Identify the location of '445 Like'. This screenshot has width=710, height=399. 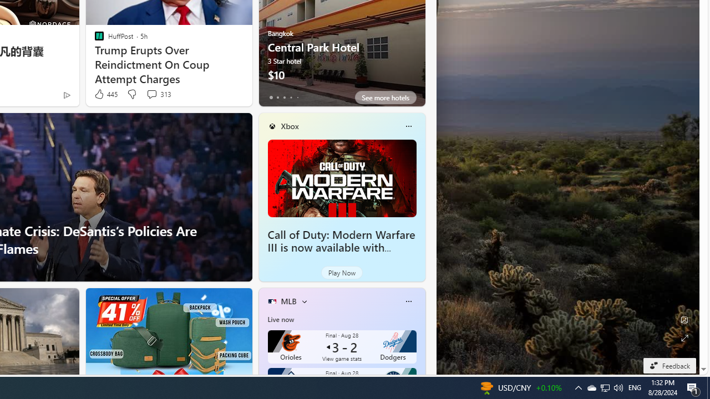
(105, 94).